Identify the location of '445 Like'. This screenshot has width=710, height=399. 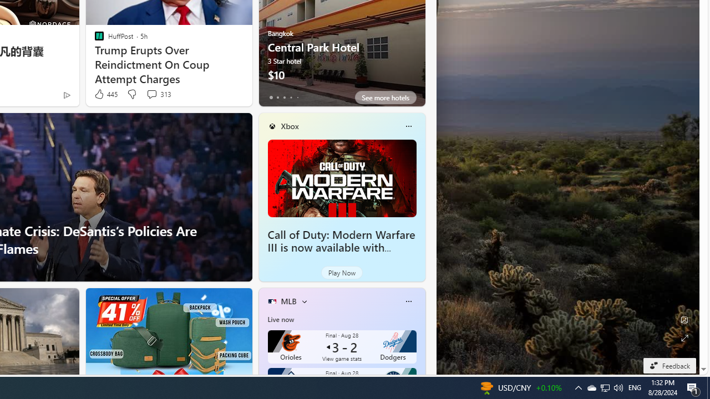
(105, 94).